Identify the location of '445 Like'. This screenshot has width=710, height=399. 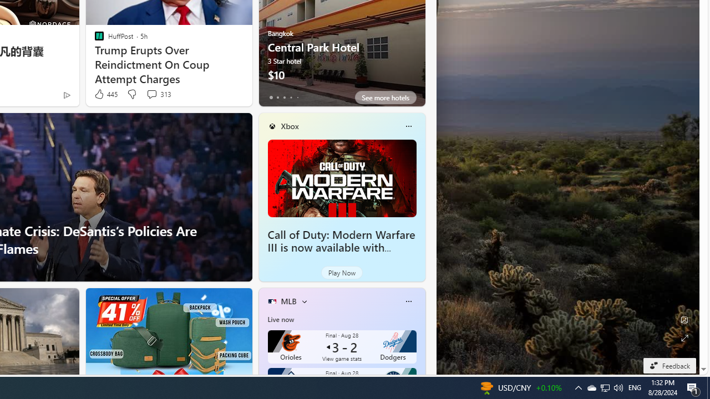
(105, 94).